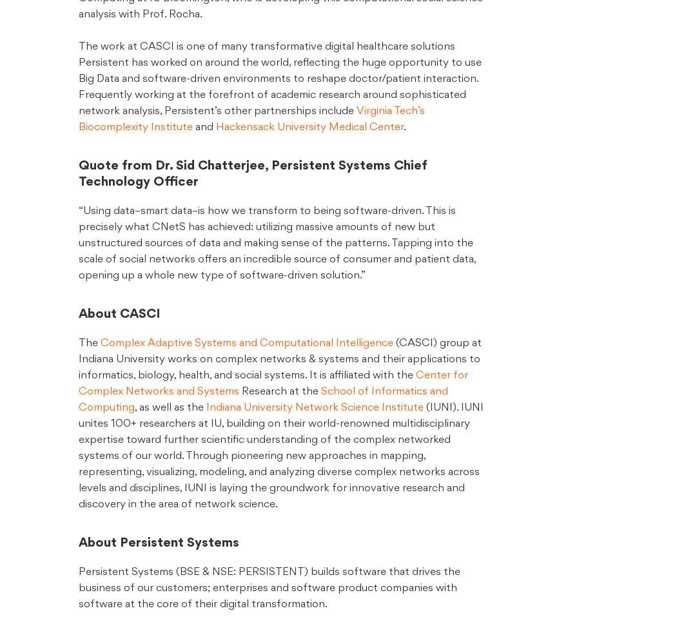 The height and width of the screenshot is (624, 677). I want to click on 'Persistent Systems (BSE & NSE: PERSISTENT) builds software that drives the business of our customers; enterprises and software product companies with software at the core of their digital transformation.', so click(78, 589).